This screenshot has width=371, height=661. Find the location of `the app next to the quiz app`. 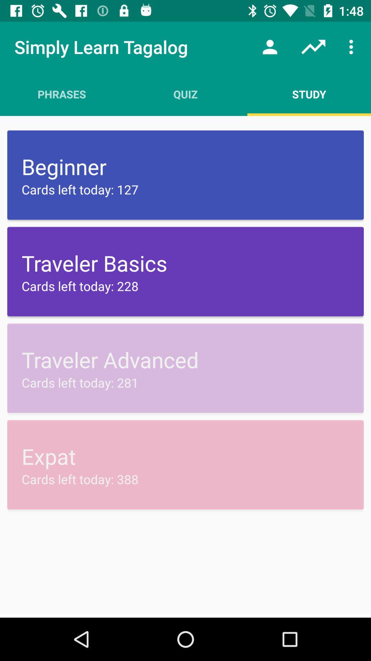

the app next to the quiz app is located at coordinates (270, 46).